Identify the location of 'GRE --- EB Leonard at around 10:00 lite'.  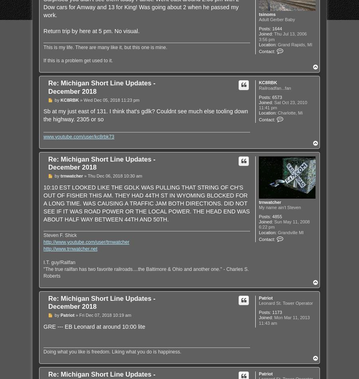
(94, 326).